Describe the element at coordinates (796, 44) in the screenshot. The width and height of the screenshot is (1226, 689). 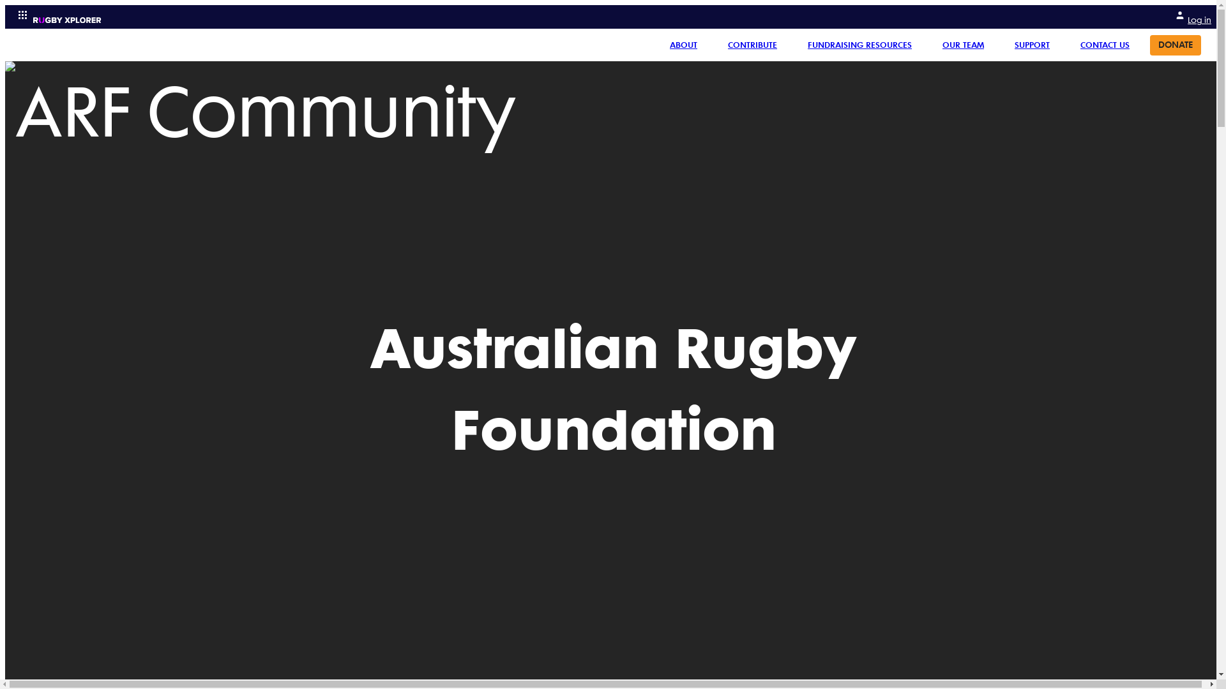
I see `'FUNDRAISING RESOURCES'` at that location.